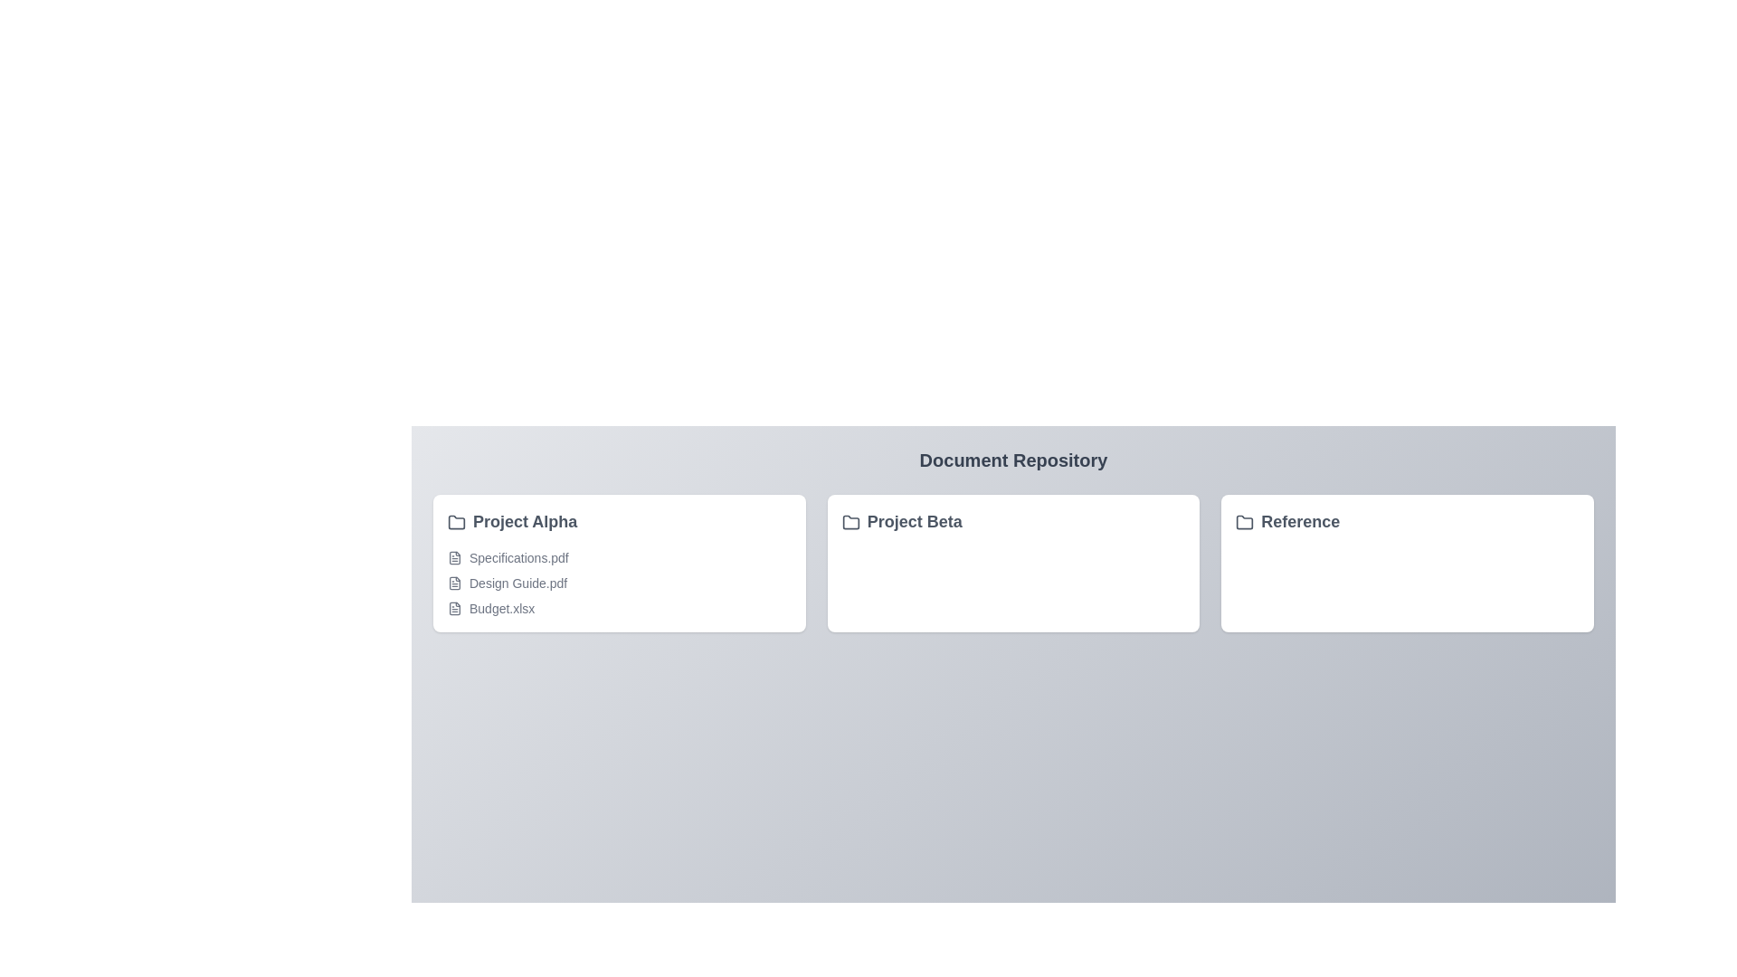 This screenshot has height=977, width=1737. Describe the element at coordinates (455, 583) in the screenshot. I see `the document type icon located in the second row of the file list within the 'Project Alpha' section, just before the label 'Design Guide.pdf' to interact with it` at that location.